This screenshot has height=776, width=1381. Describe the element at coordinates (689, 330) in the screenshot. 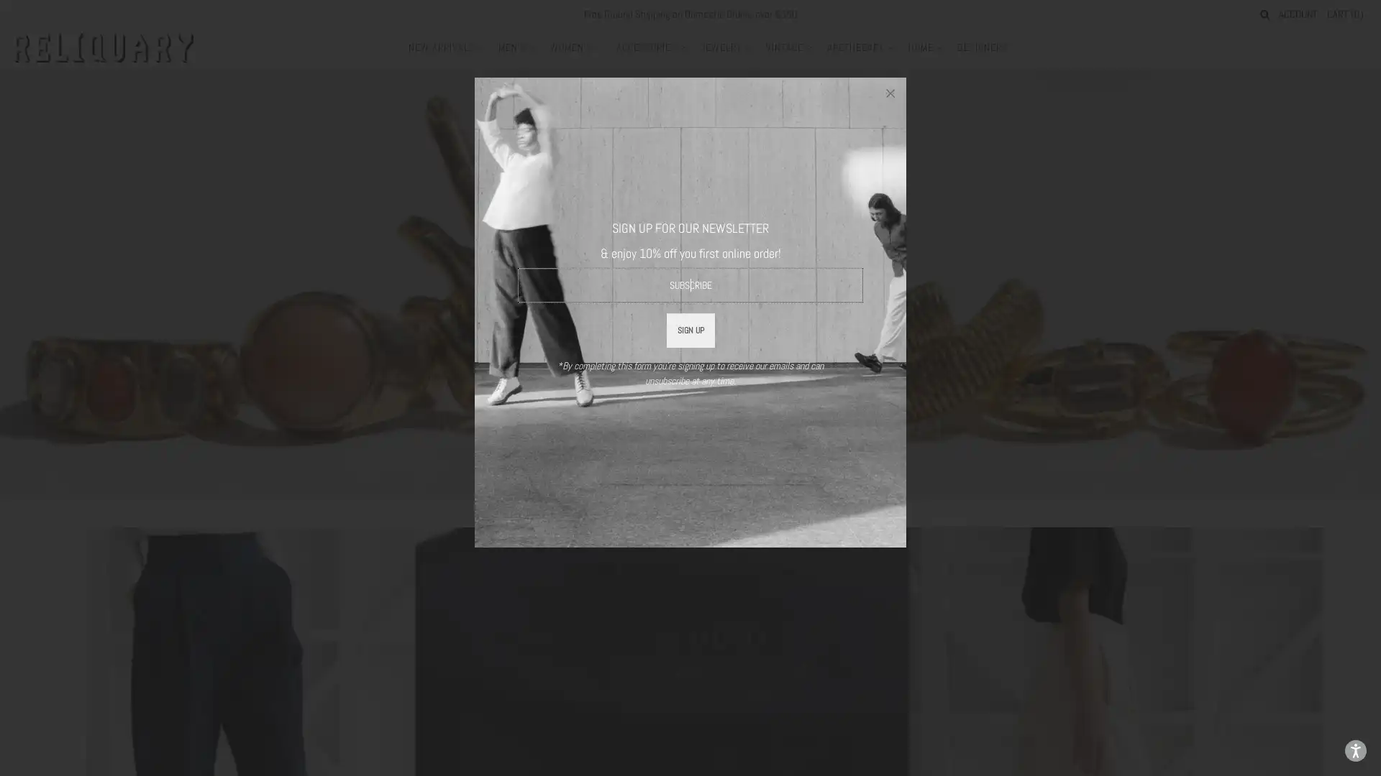

I see `Sign Up` at that location.